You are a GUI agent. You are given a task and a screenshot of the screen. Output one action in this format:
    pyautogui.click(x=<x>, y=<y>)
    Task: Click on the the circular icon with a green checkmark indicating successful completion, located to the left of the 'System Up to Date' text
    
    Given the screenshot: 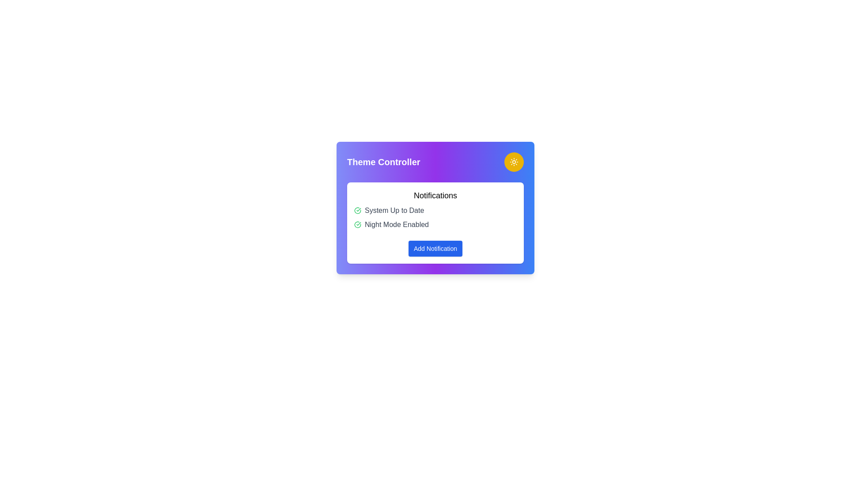 What is the action you would take?
    pyautogui.click(x=358, y=211)
    